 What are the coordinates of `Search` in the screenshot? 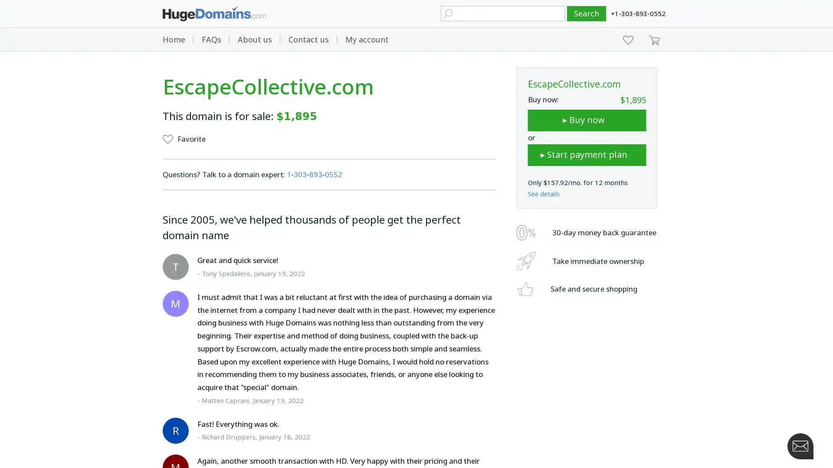 It's located at (587, 13).